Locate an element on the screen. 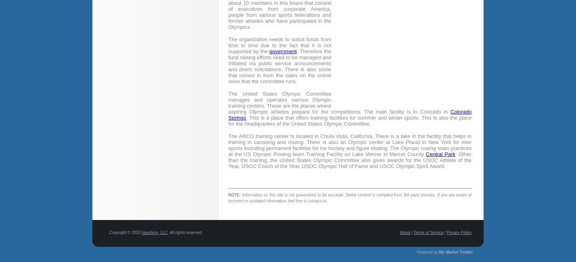  '.' is located at coordinates (473, 252).